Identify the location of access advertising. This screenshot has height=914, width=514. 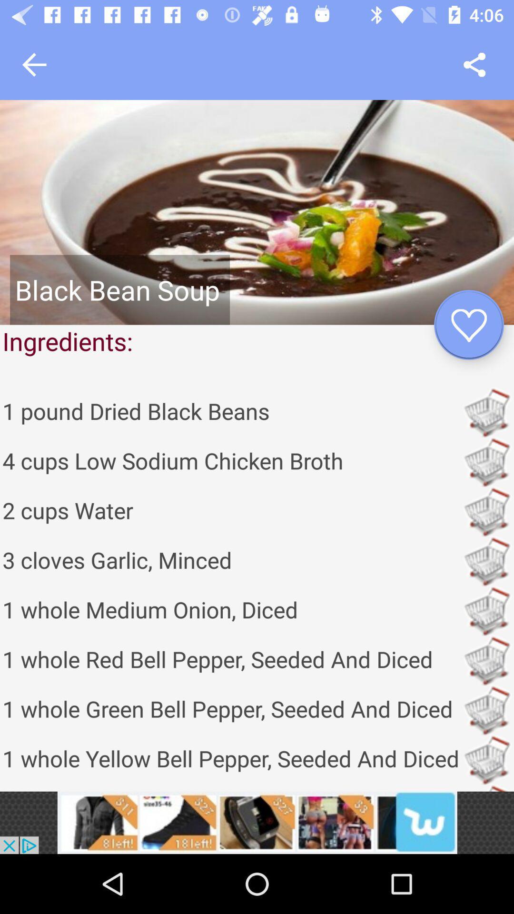
(257, 822).